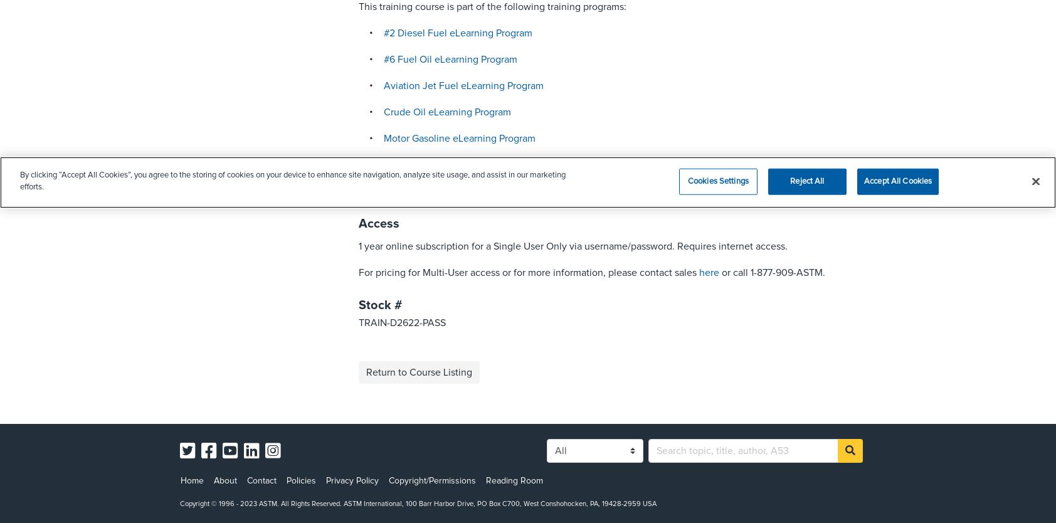 Image resolution: width=1056 pixels, height=523 pixels. What do you see at coordinates (492, 7) in the screenshot?
I see `'This training course is part of the following training programs:'` at bounding box center [492, 7].